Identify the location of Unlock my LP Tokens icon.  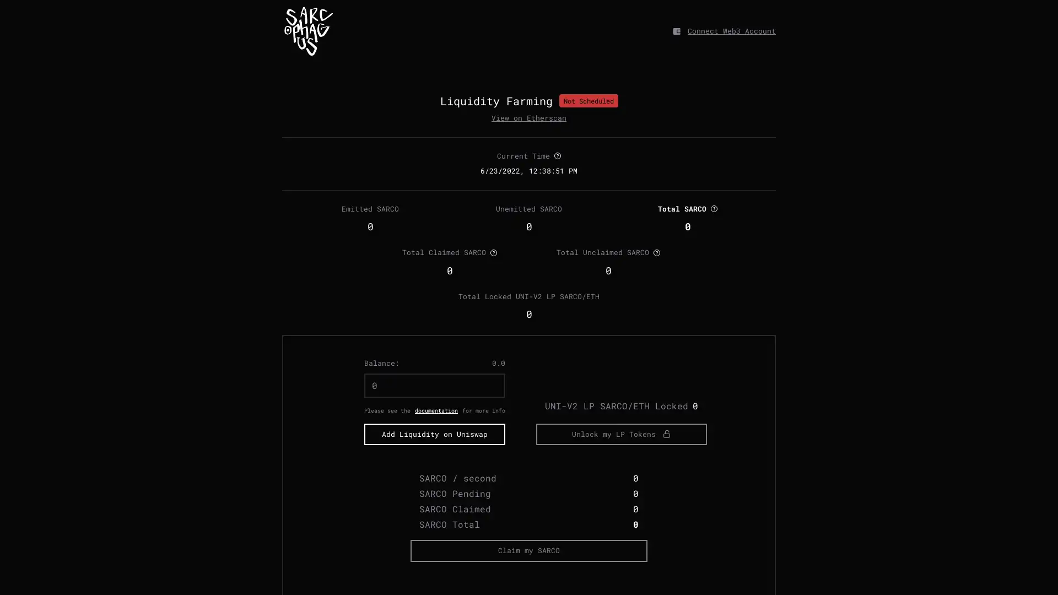
(622, 473).